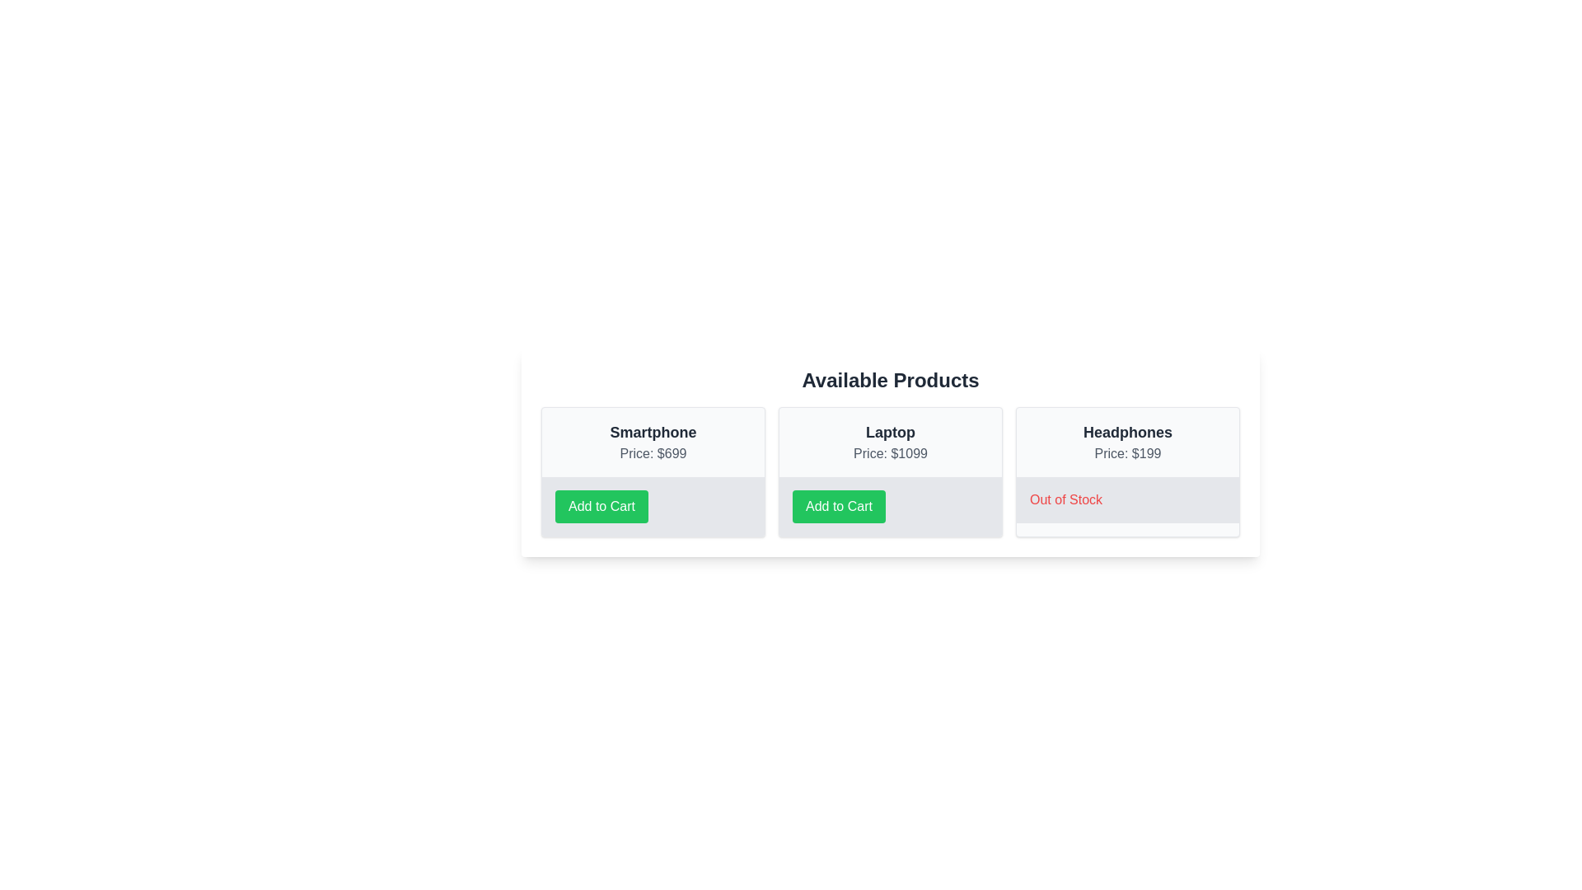 The height and width of the screenshot is (890, 1582). I want to click on text label displaying 'Headphones' which is styled in a bold, dark gray font and located at the top of the rightmost product card, so click(1126, 431).